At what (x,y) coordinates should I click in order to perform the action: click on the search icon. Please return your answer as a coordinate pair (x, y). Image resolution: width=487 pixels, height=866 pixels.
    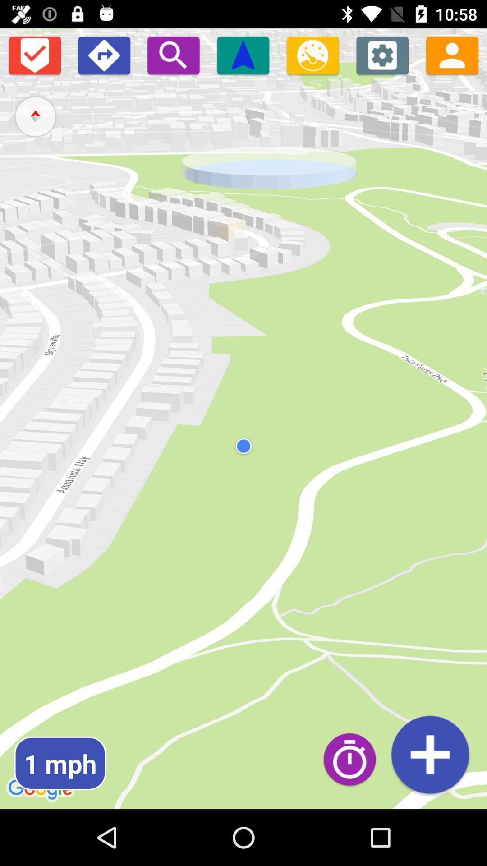
    Looking at the image, I should click on (173, 55).